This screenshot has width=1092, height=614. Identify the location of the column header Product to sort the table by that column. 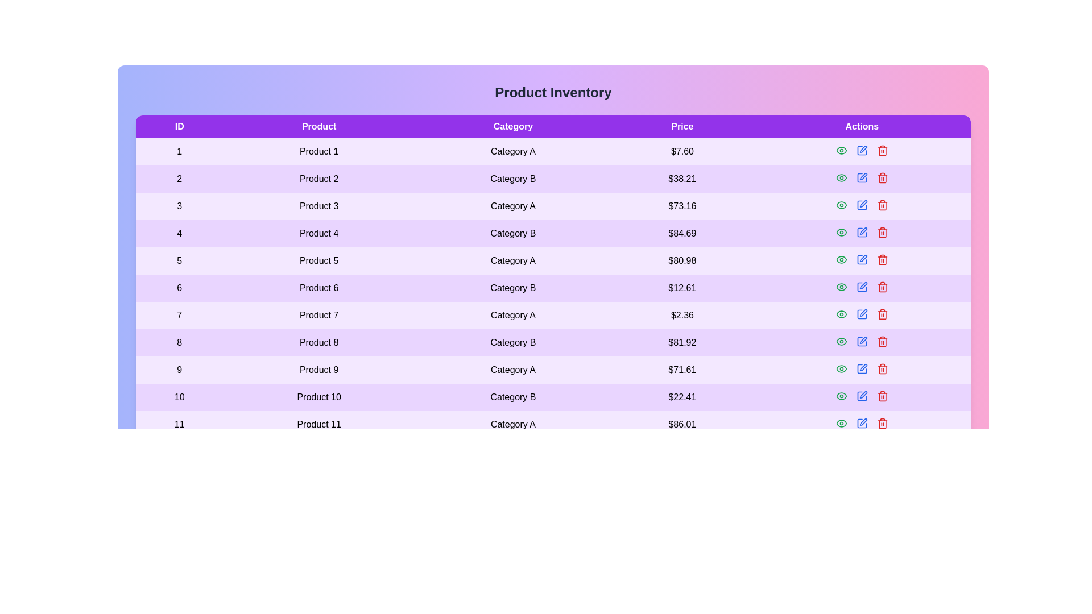
(318, 127).